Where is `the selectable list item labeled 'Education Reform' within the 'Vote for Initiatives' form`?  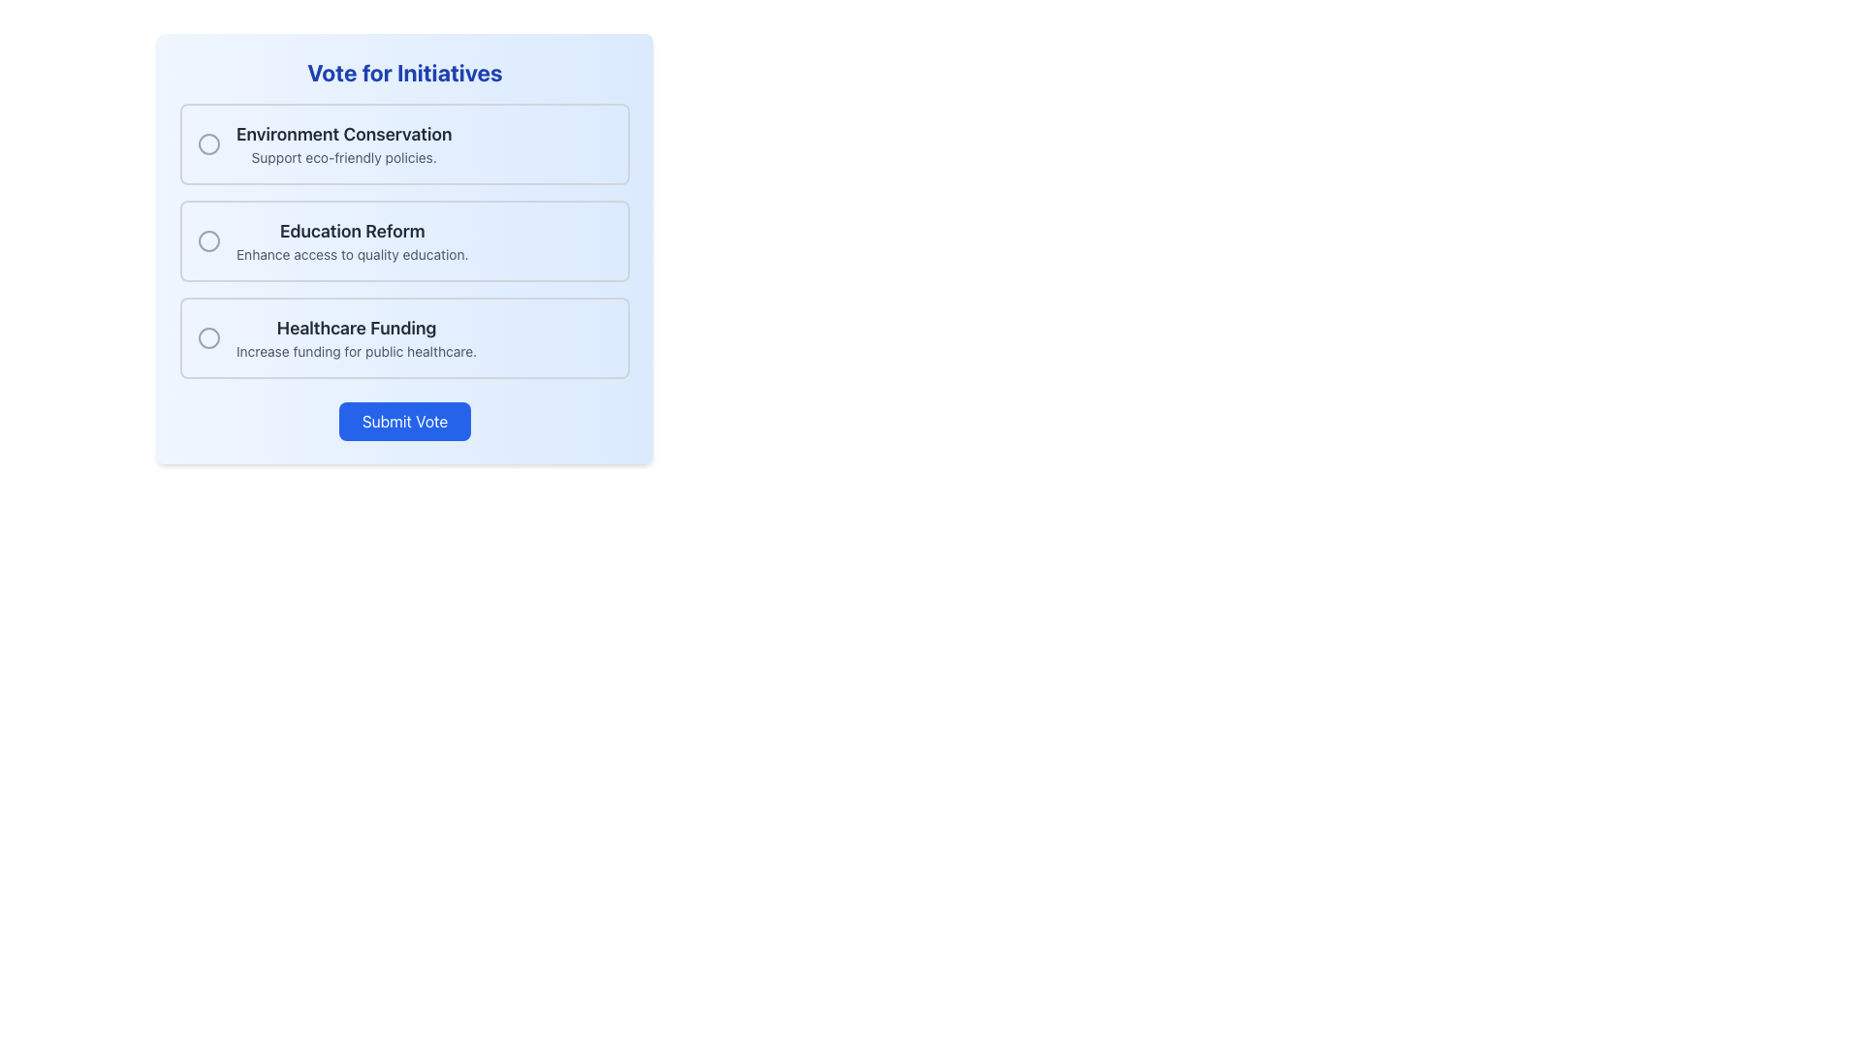
the selectable list item labeled 'Education Reform' within the 'Vote for Initiatives' form is located at coordinates (403, 240).